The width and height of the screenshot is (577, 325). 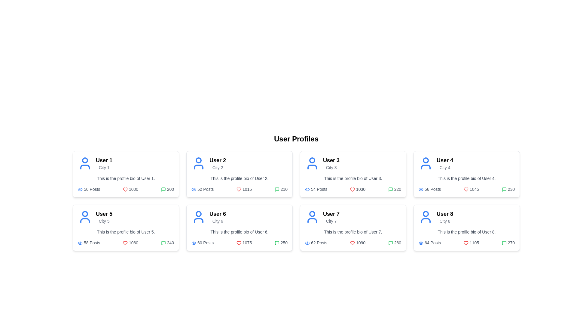 What do you see at coordinates (312, 213) in the screenshot?
I see `the circular geometric component in the 'User 7' profile icon located at the top-left corner of the profile card` at bounding box center [312, 213].